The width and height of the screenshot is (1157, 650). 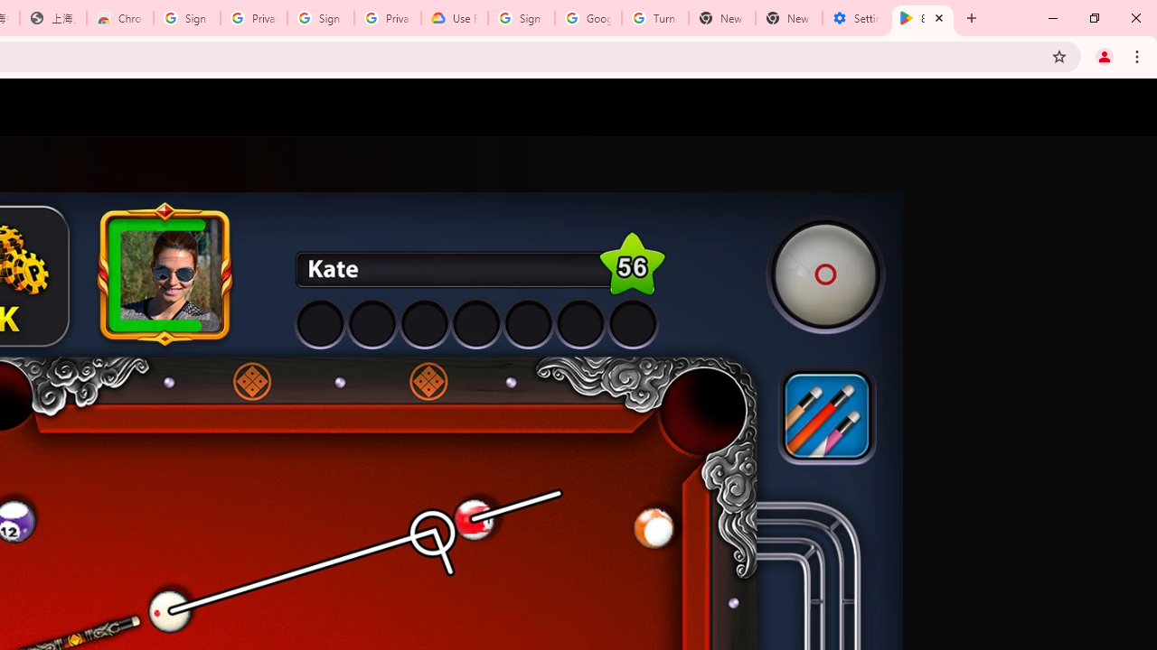 What do you see at coordinates (119, 18) in the screenshot?
I see `'Chrome Web Store - Color themes by Chrome'` at bounding box center [119, 18].